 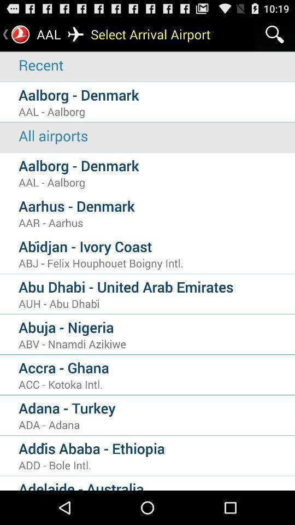 I want to click on the item above adelaide - australia item, so click(x=156, y=464).